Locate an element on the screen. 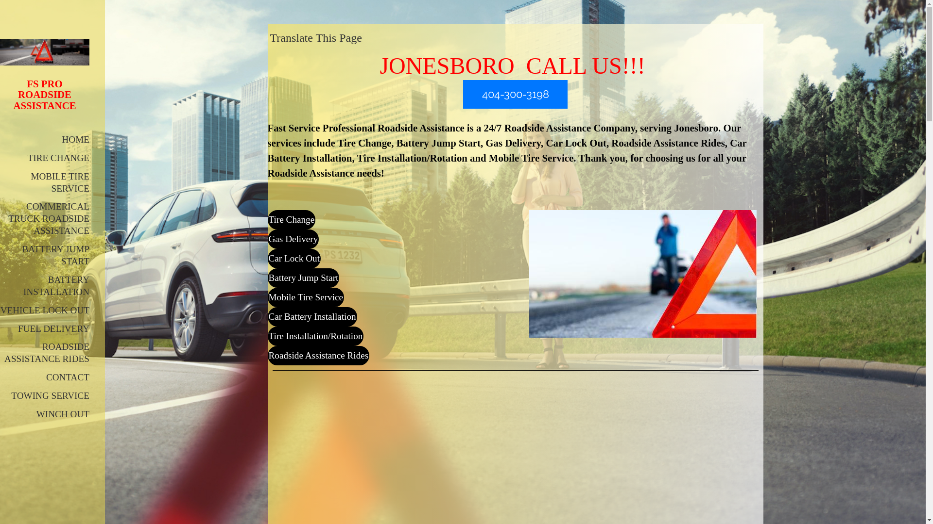  'CONTACT' is located at coordinates (67, 377).